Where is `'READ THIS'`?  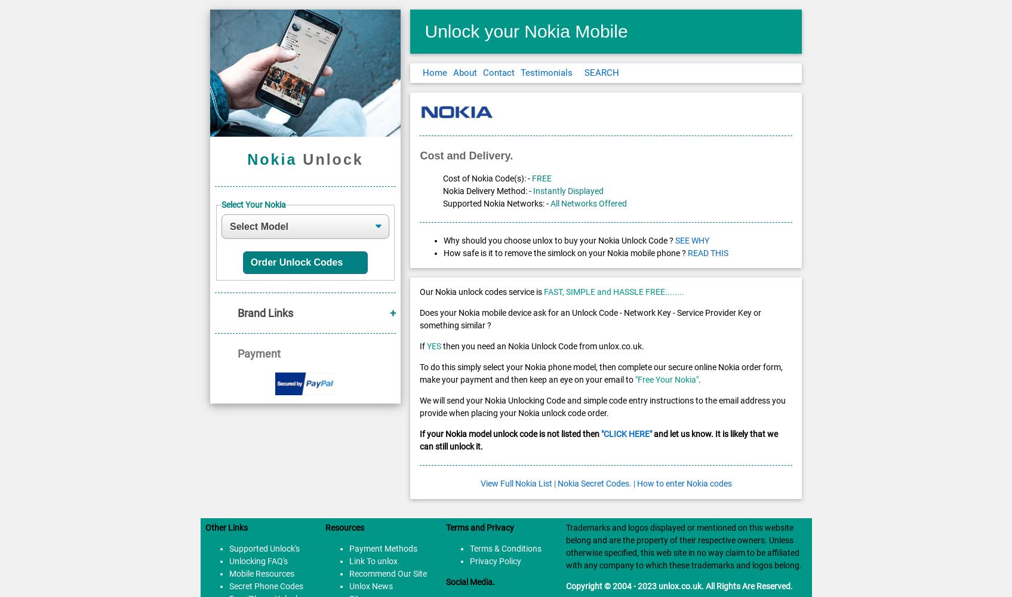
'READ THIS' is located at coordinates (708, 253).